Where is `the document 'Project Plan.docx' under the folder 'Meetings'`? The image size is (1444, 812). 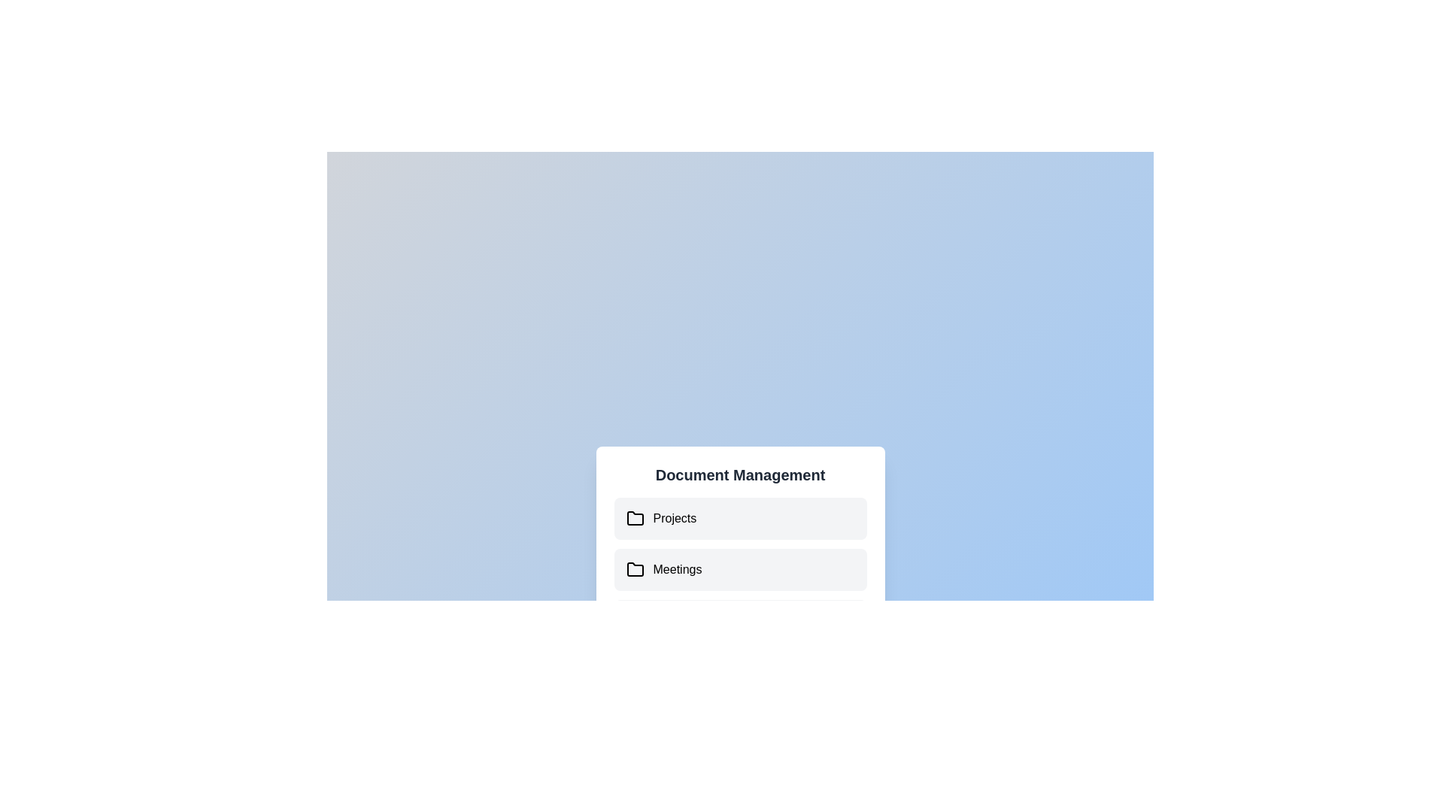
the document 'Project Plan.docx' under the folder 'Meetings' is located at coordinates (740, 570).